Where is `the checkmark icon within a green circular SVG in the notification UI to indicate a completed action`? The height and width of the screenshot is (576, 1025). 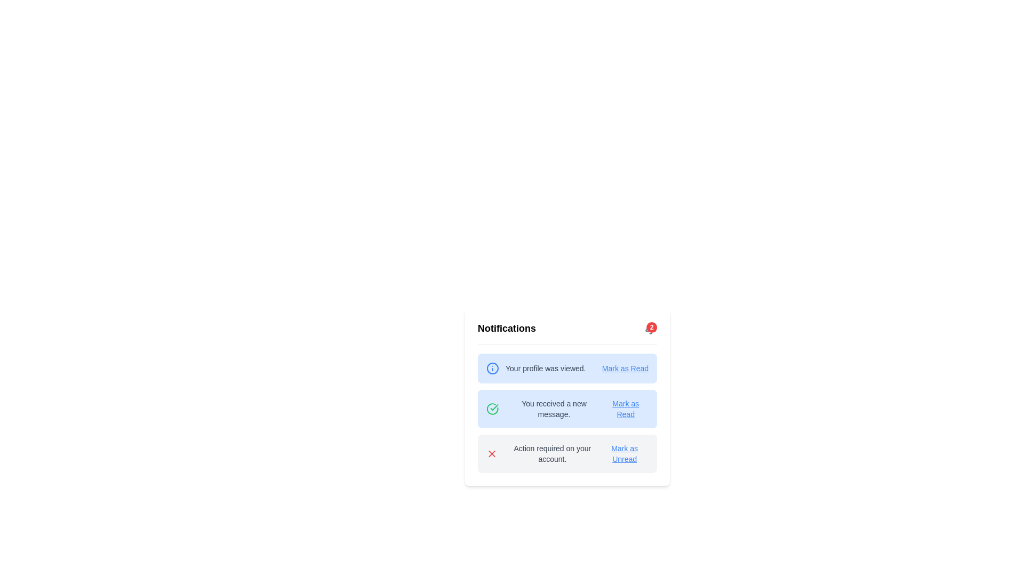 the checkmark icon within a green circular SVG in the notification UI to indicate a completed action is located at coordinates (494, 407).